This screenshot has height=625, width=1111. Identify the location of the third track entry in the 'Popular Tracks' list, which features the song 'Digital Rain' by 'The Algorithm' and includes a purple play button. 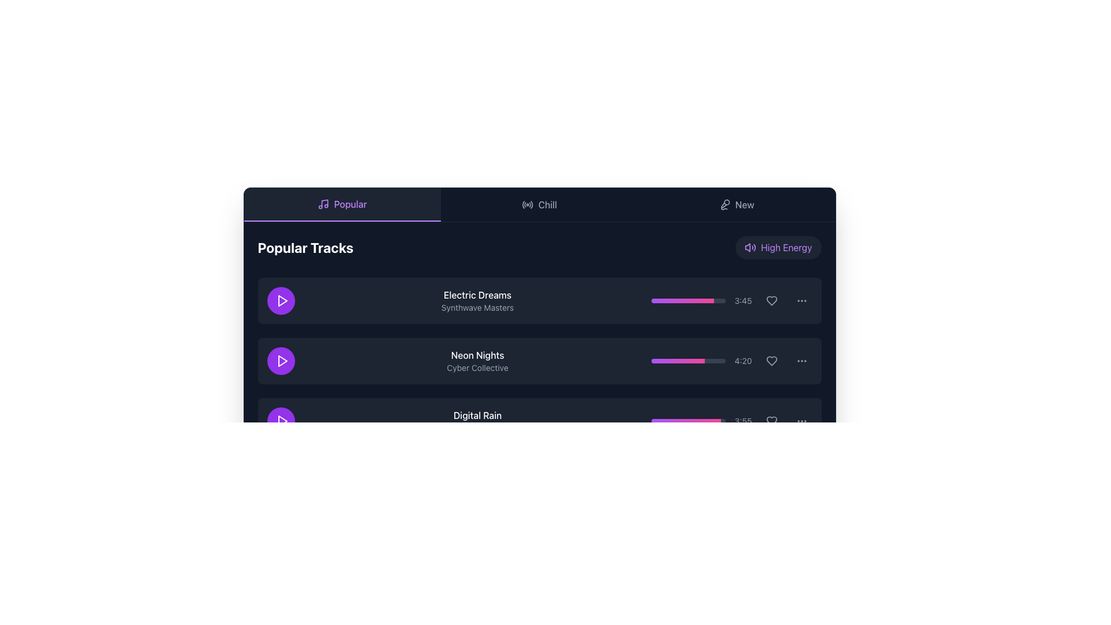
(539, 421).